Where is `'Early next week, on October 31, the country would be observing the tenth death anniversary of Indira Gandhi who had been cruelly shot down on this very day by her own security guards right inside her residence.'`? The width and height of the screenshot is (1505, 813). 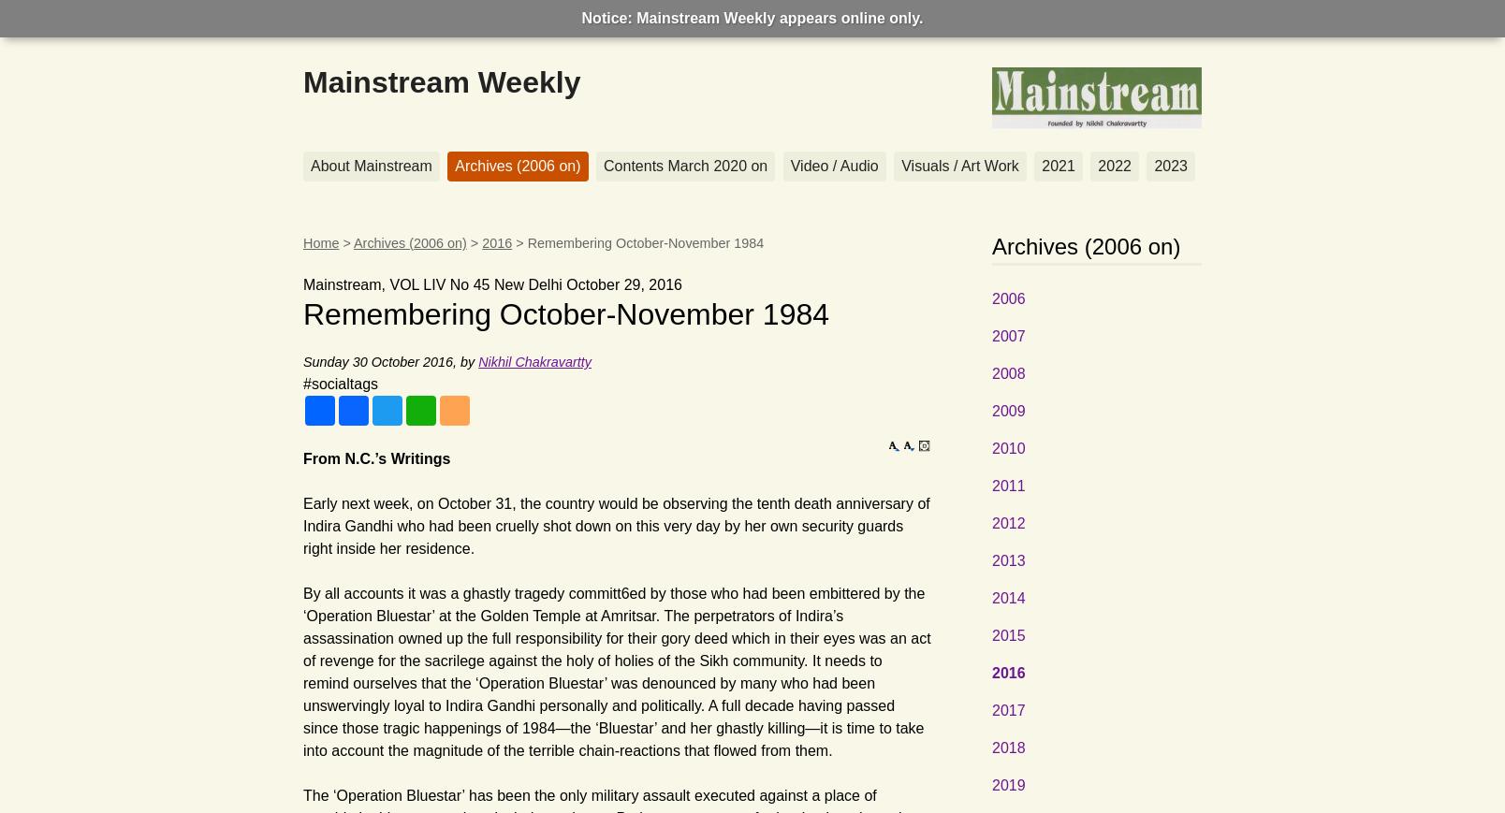 'Early next week, on October 31, the country would be observing the tenth death anniversary of Indira Gandhi who had been cruelly shot down on this very day by her own security guards right inside her residence.' is located at coordinates (616, 525).